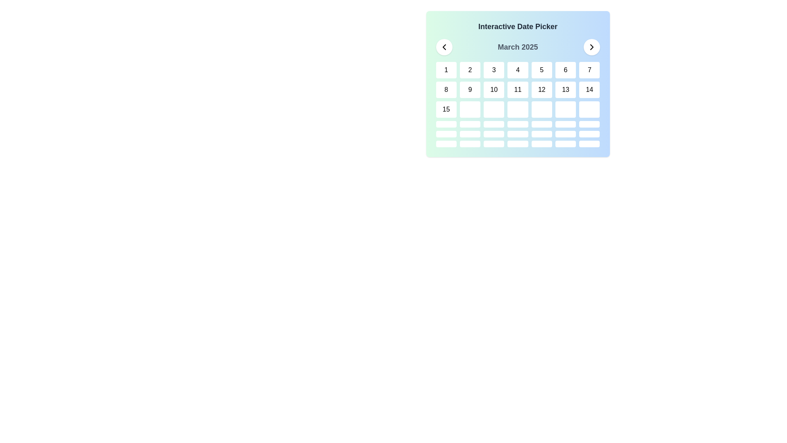  What do you see at coordinates (470, 124) in the screenshot?
I see `the button located` at bounding box center [470, 124].